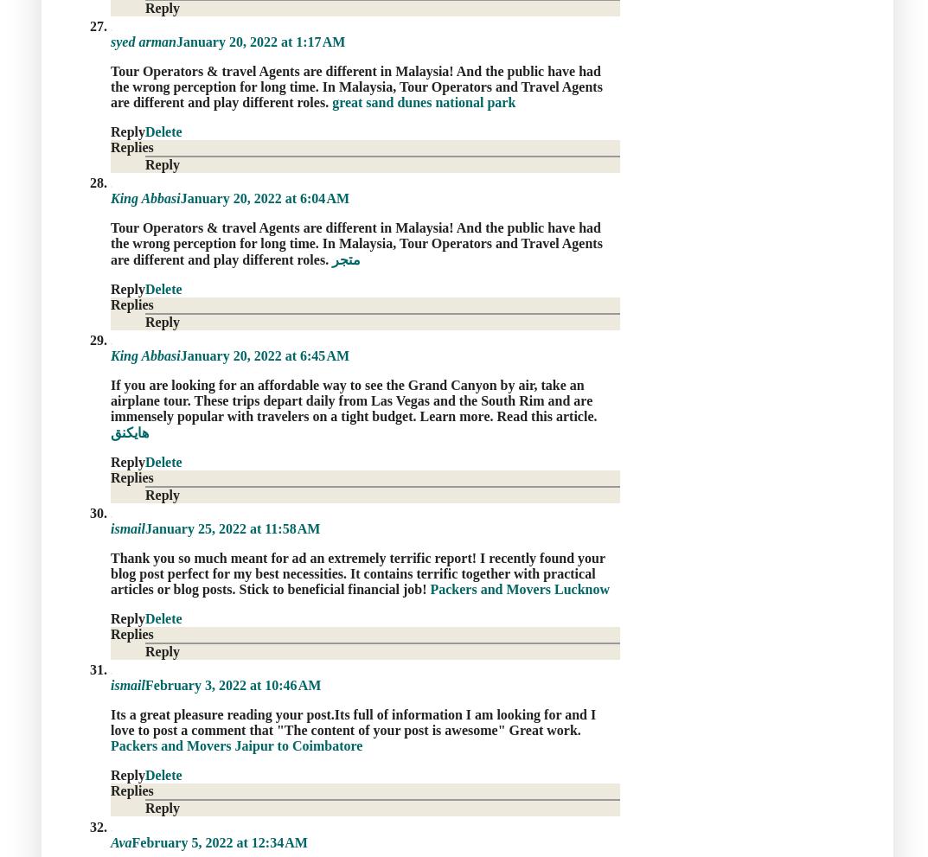 This screenshot has height=857, width=928. I want to click on 'Its a great pleasure reading your post.Its full of information I am looking for and I love to post a comment that "The content of your post is awesome" Great work.', so click(352, 721).